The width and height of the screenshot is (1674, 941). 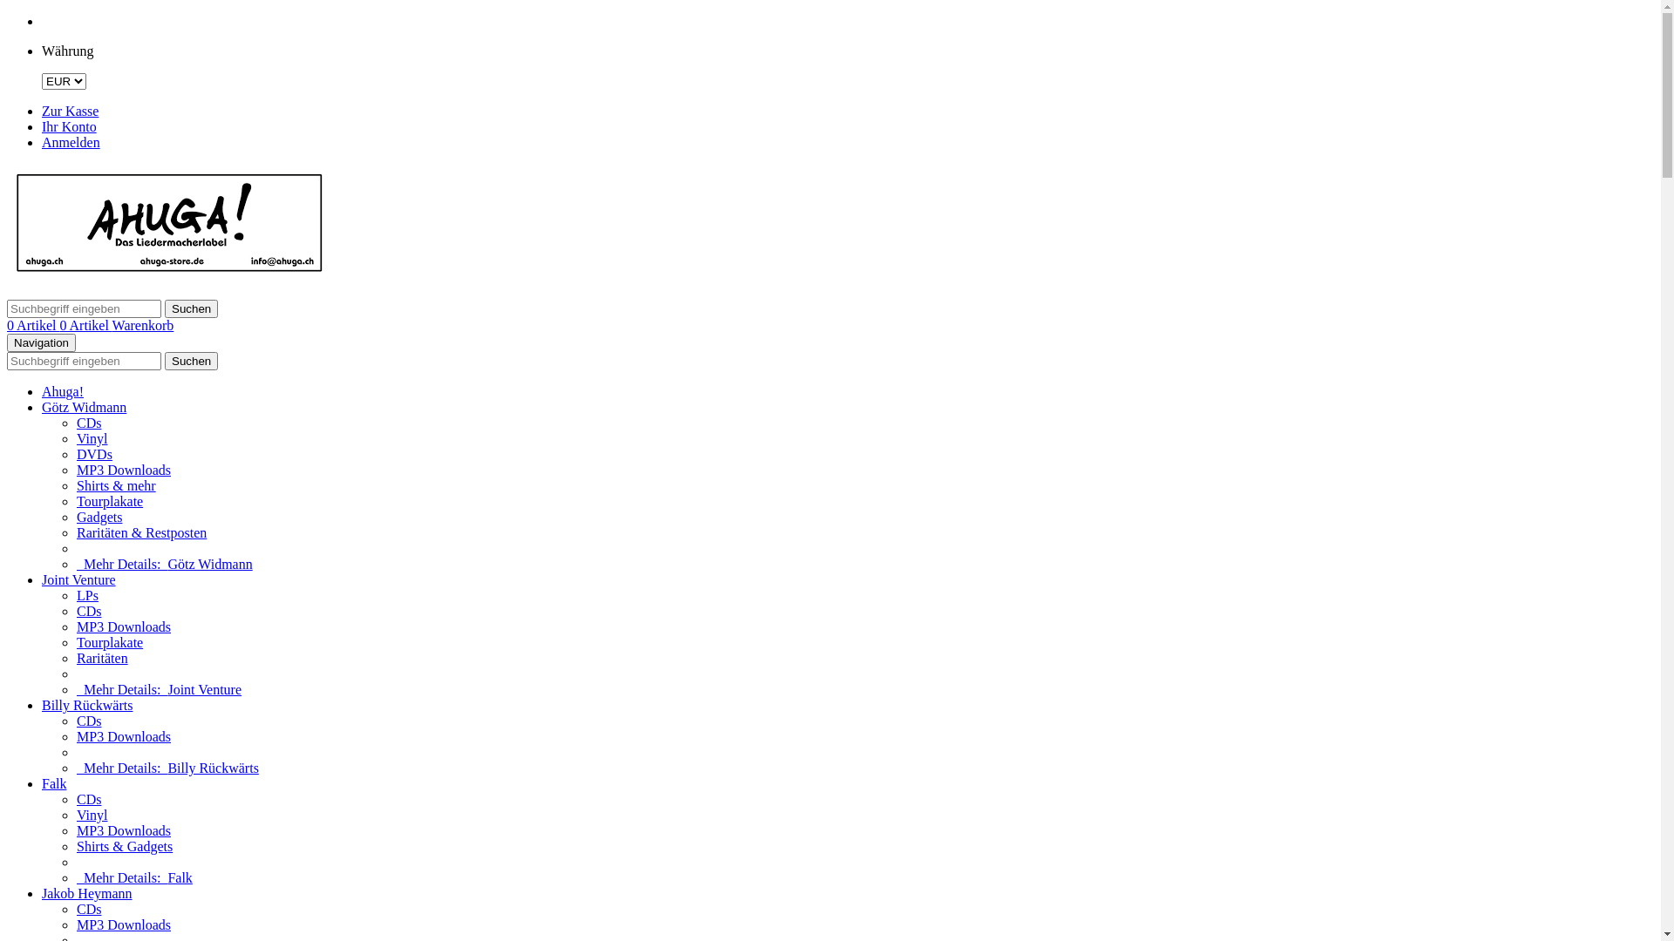 What do you see at coordinates (75, 877) in the screenshot?
I see `'  Mehr Details:  Falk'` at bounding box center [75, 877].